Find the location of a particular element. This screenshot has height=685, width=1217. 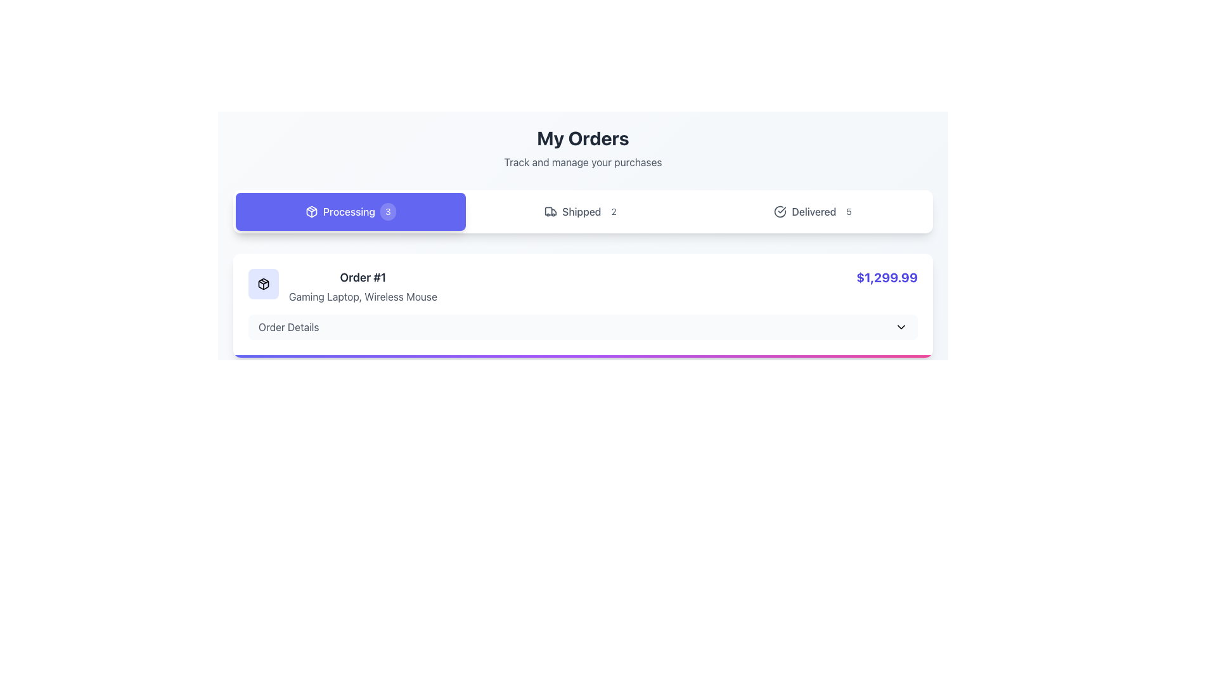

subtext 'Track and manage your purchases' of the 'My Orders' section header located at the top of the page is located at coordinates (583, 148).